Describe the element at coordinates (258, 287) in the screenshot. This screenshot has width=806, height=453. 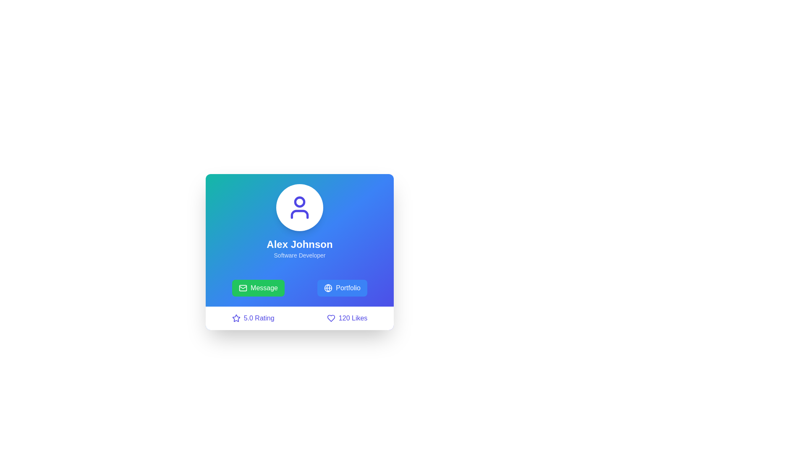
I see `the green 'Message' button with a white envelope icon to send a message` at that location.